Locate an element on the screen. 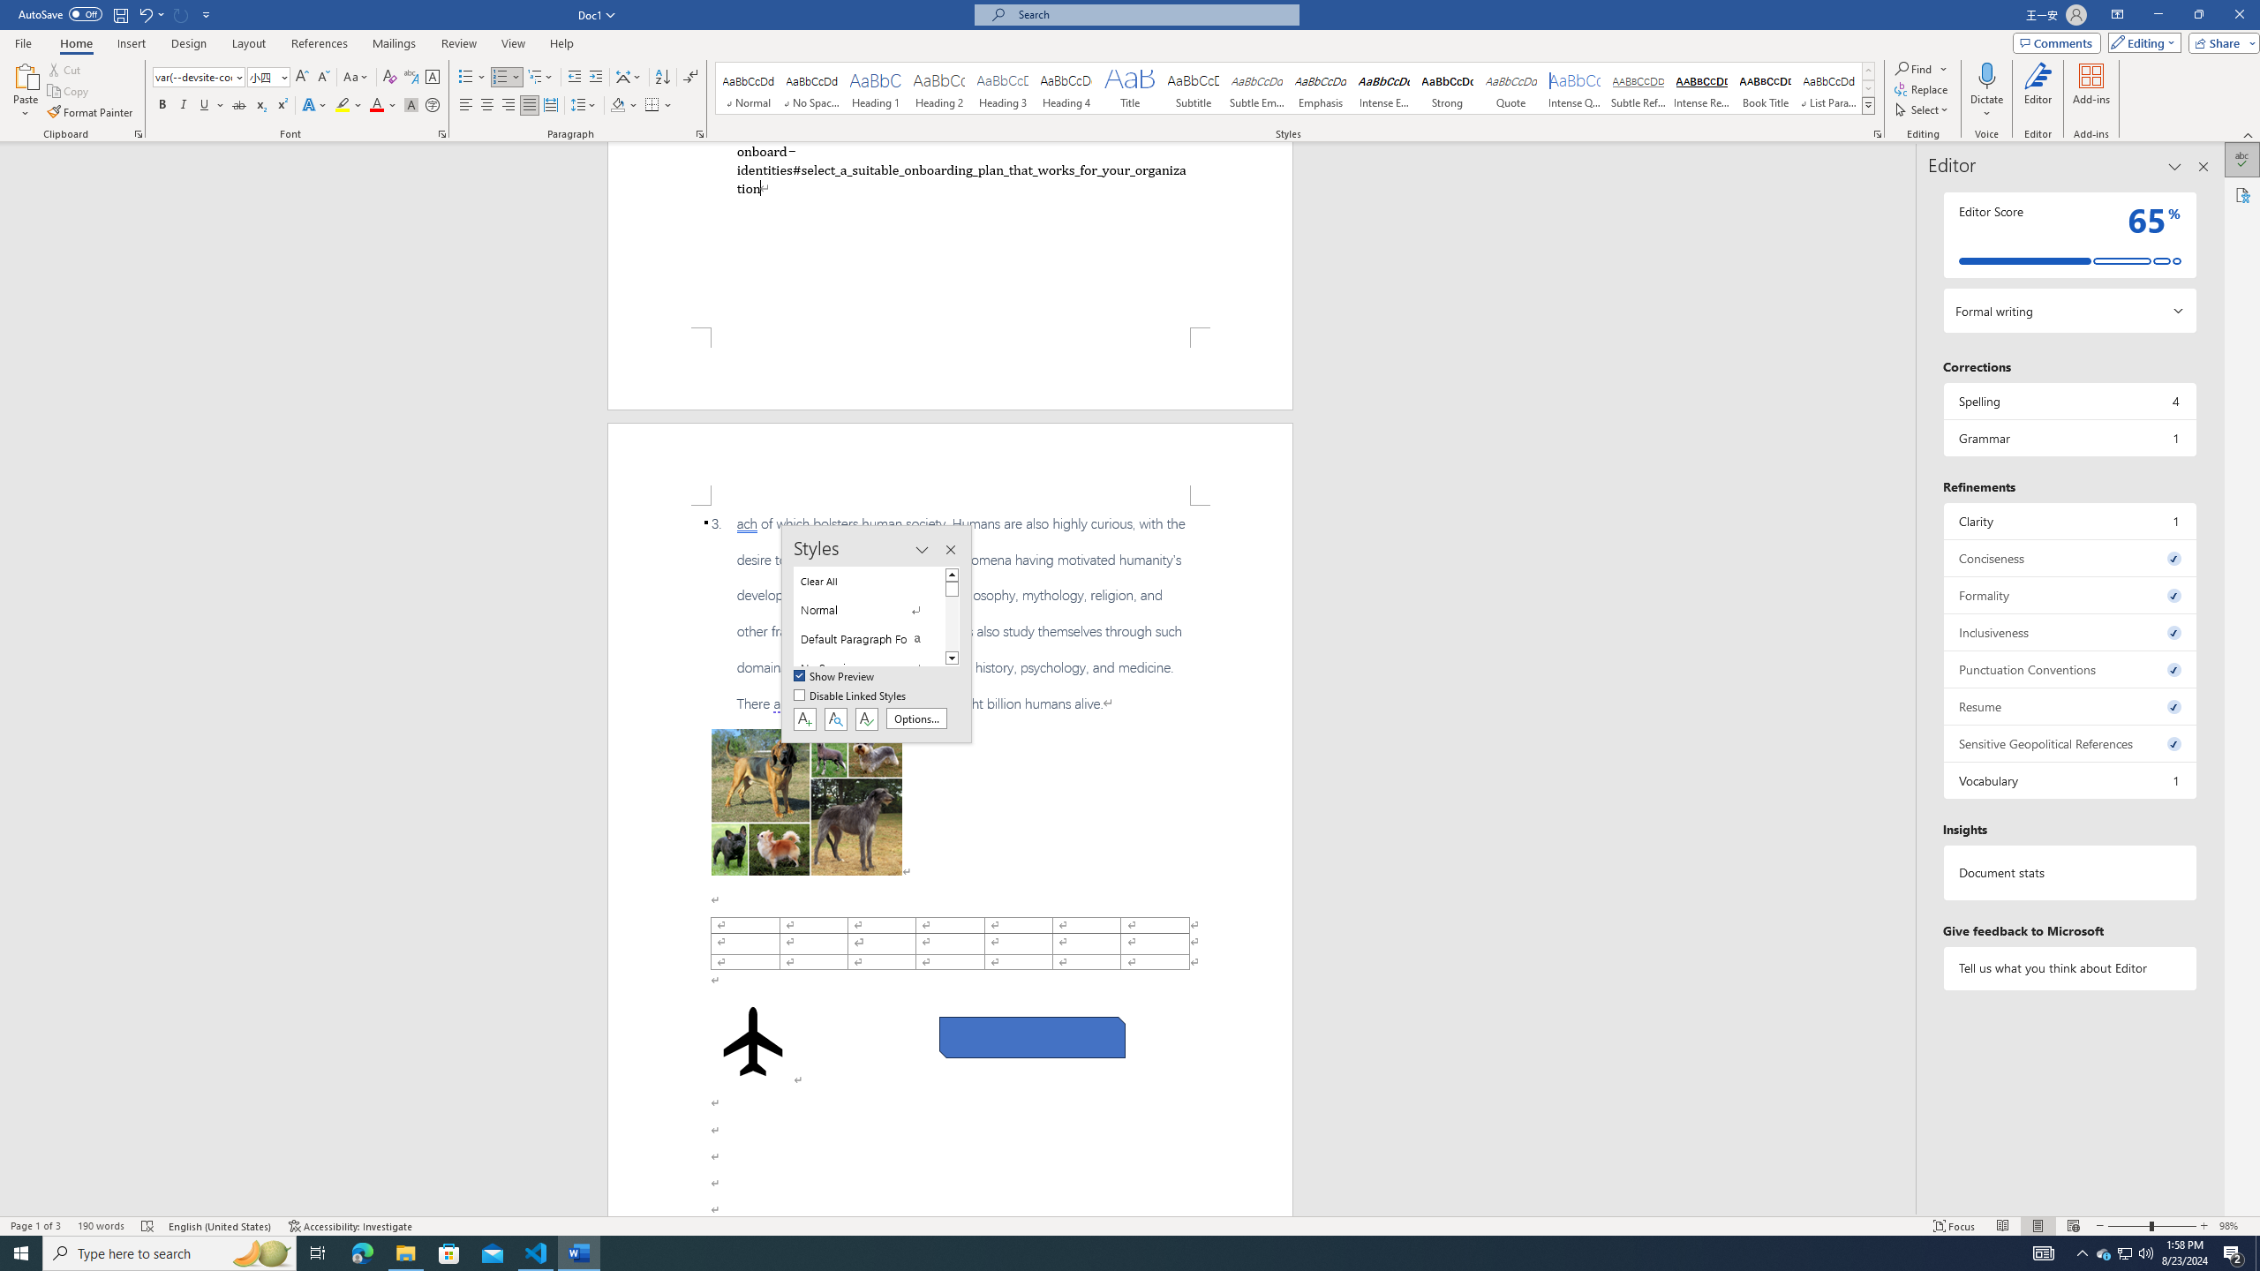  'Superscript' is located at coordinates (280, 104).